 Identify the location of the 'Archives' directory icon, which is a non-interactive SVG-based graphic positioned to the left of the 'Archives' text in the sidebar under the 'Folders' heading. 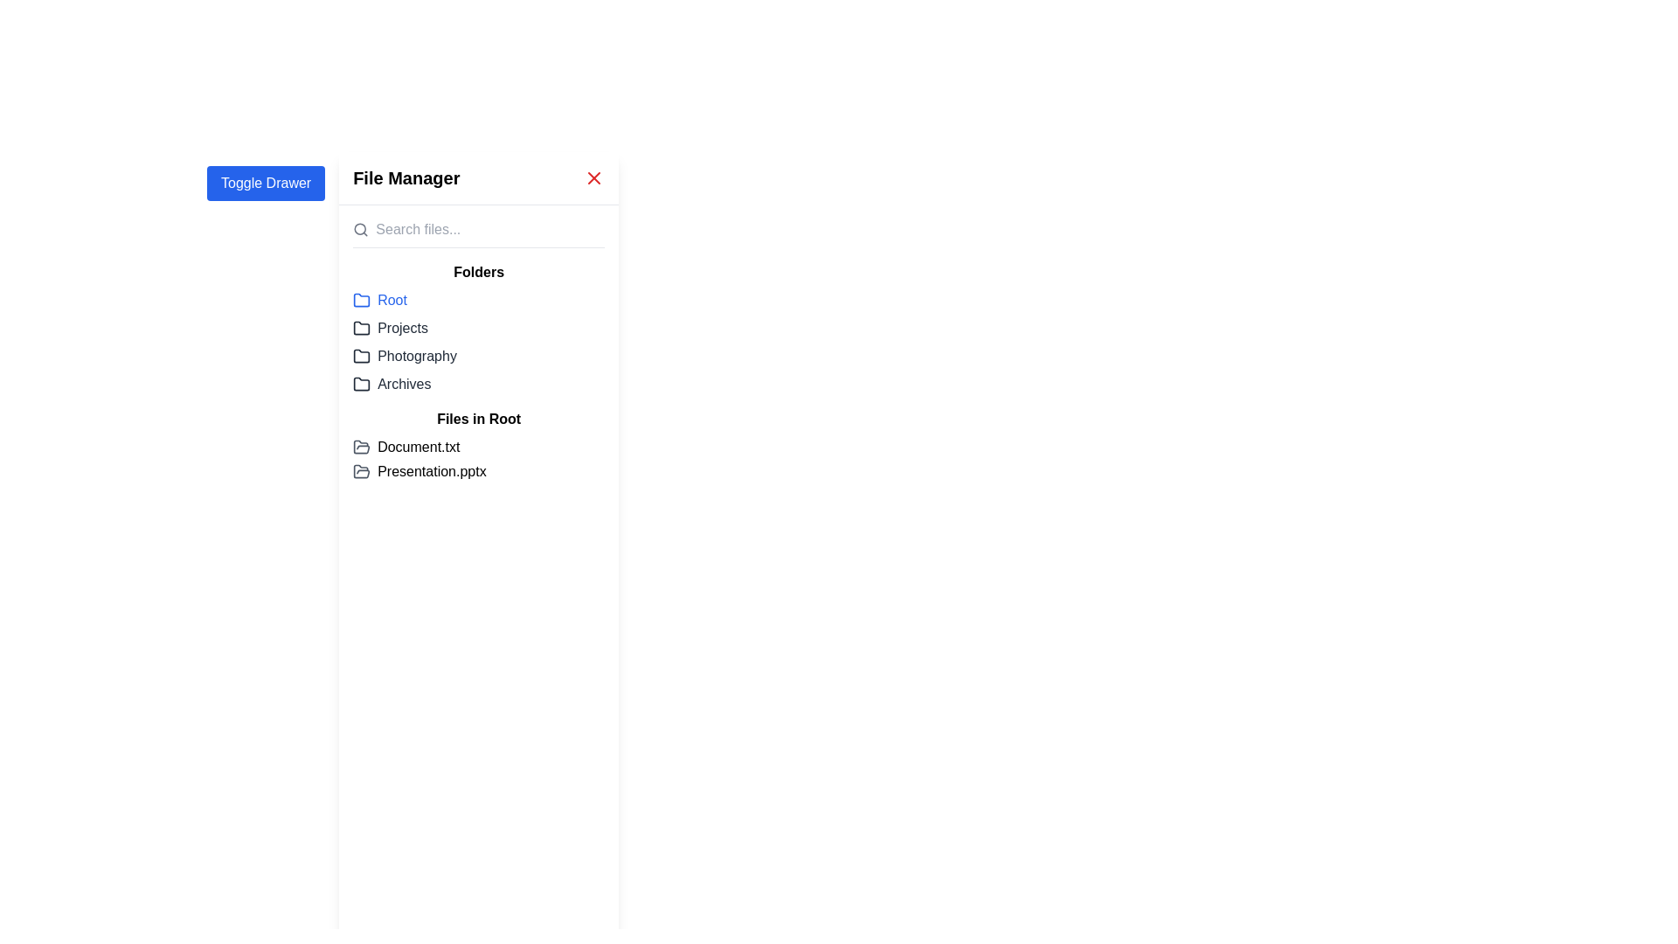
(361, 383).